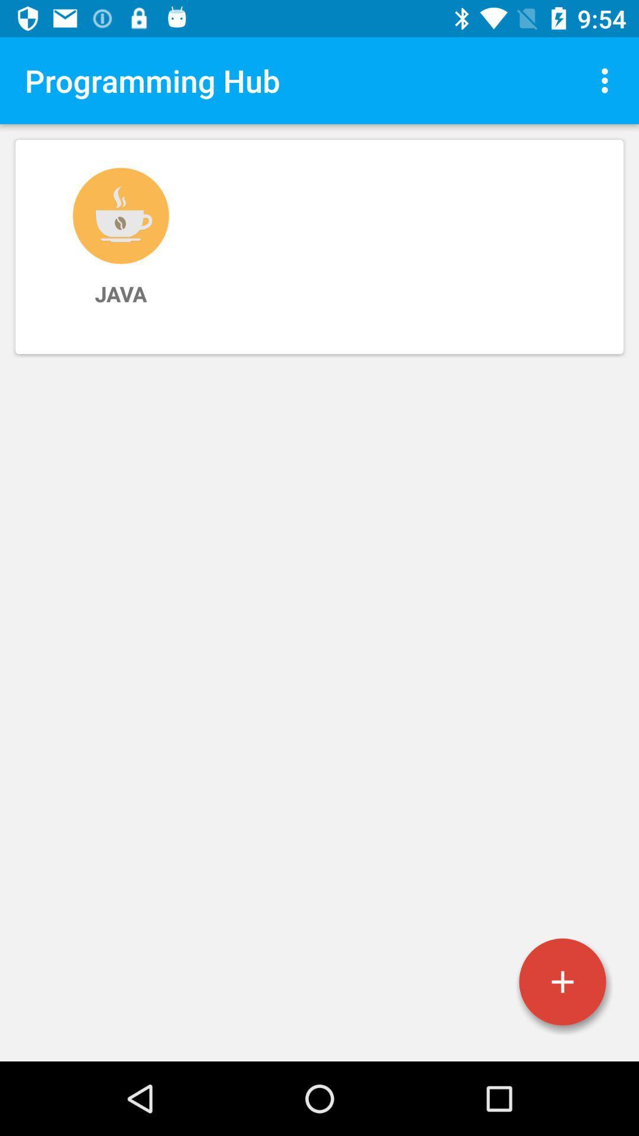 The height and width of the screenshot is (1136, 639). I want to click on the item to the right of the programming hub item, so click(608, 80).